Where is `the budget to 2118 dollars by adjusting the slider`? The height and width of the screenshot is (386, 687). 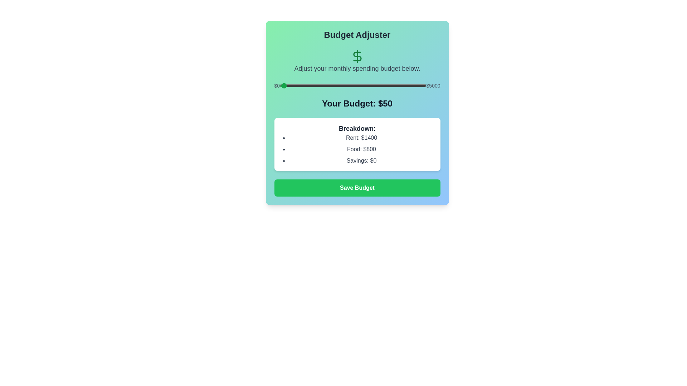
the budget to 2118 dollars by adjusting the slider is located at coordinates (341, 85).